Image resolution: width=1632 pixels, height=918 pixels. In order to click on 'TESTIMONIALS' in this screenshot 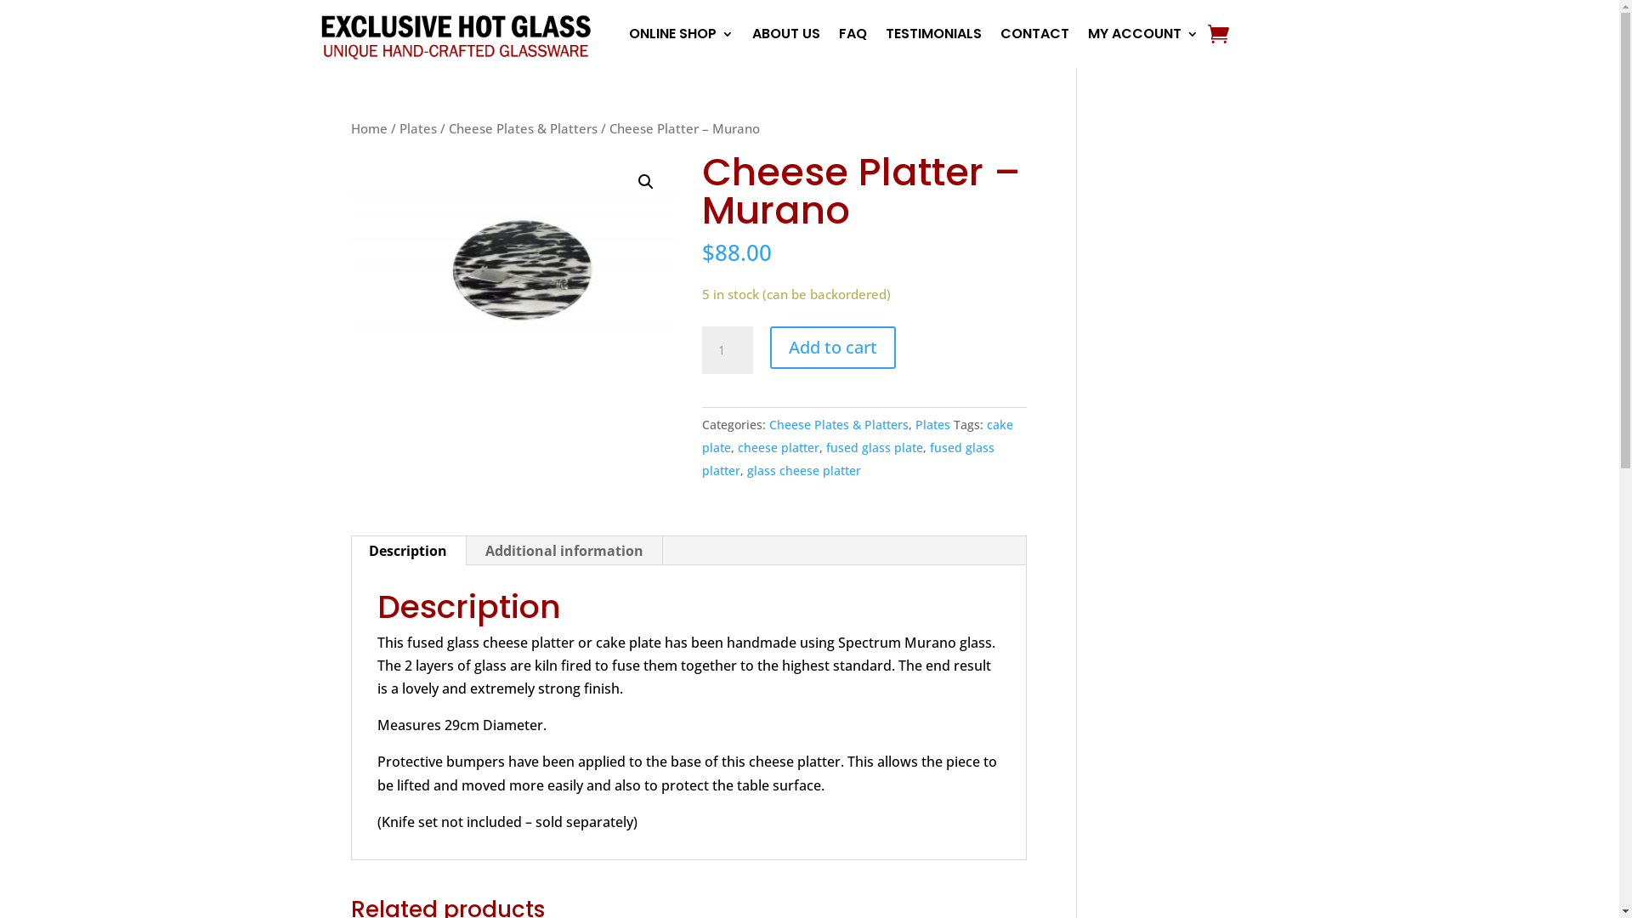, I will do `click(884, 33)`.